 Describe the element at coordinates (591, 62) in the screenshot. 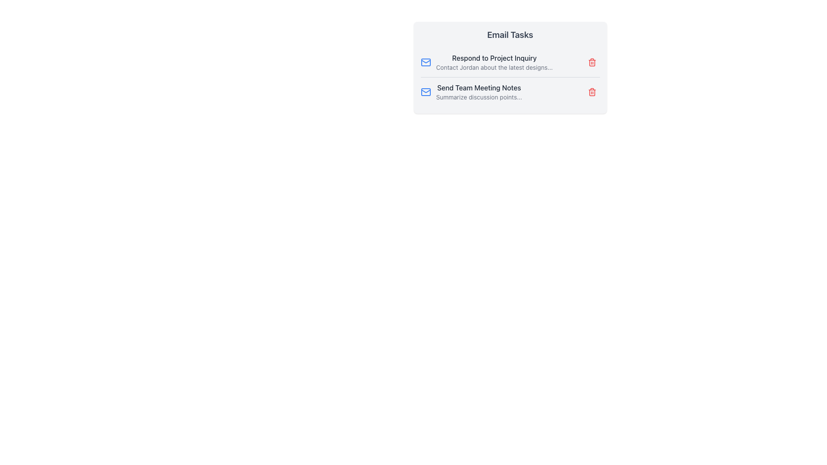

I see `the delete icon button located immediately to the right of the 'Respond to Project Inquiry' task` at that location.